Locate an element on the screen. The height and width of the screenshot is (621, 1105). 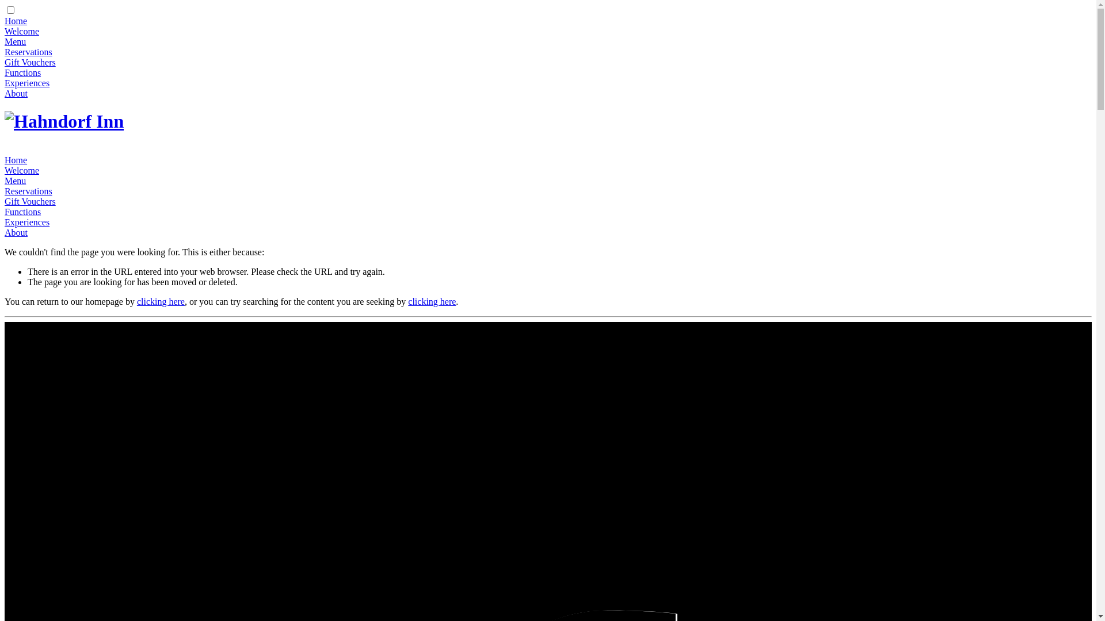
'Menu' is located at coordinates (15, 181).